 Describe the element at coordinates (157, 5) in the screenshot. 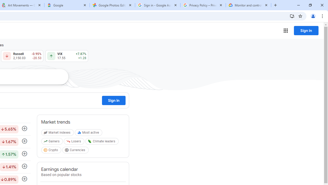

I see `'Sign in - Google Accounts'` at that location.